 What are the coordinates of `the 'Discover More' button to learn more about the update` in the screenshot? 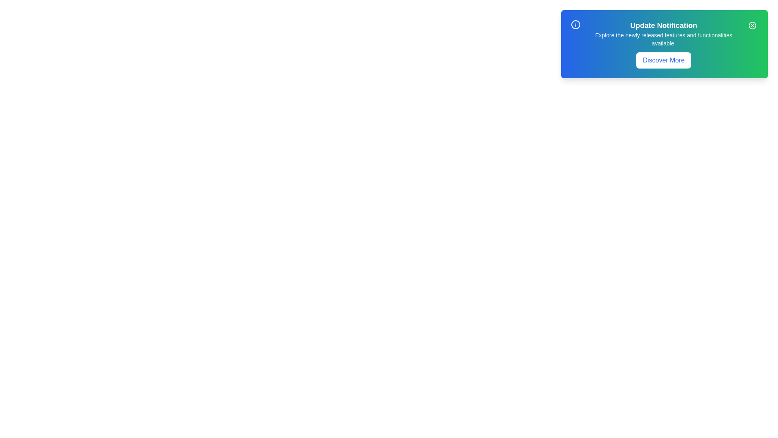 It's located at (663, 60).